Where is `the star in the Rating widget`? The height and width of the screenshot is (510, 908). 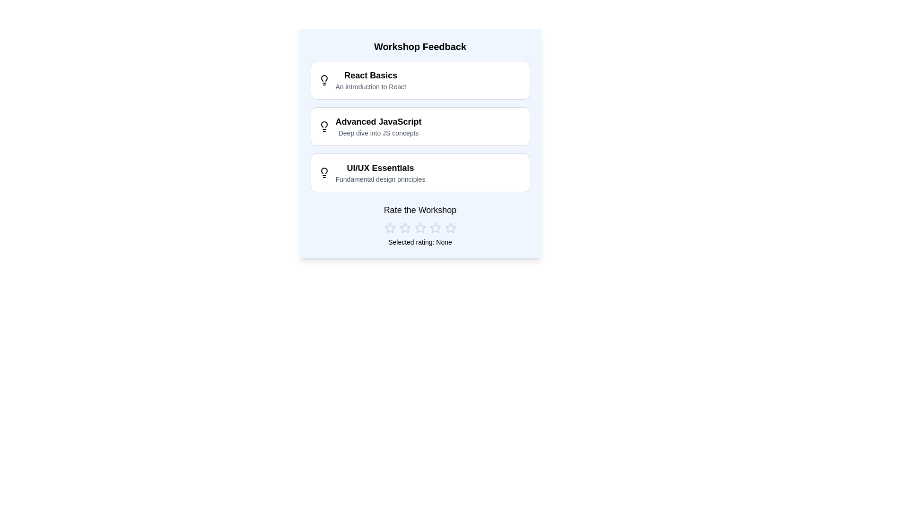 the star in the Rating widget is located at coordinates (419, 228).